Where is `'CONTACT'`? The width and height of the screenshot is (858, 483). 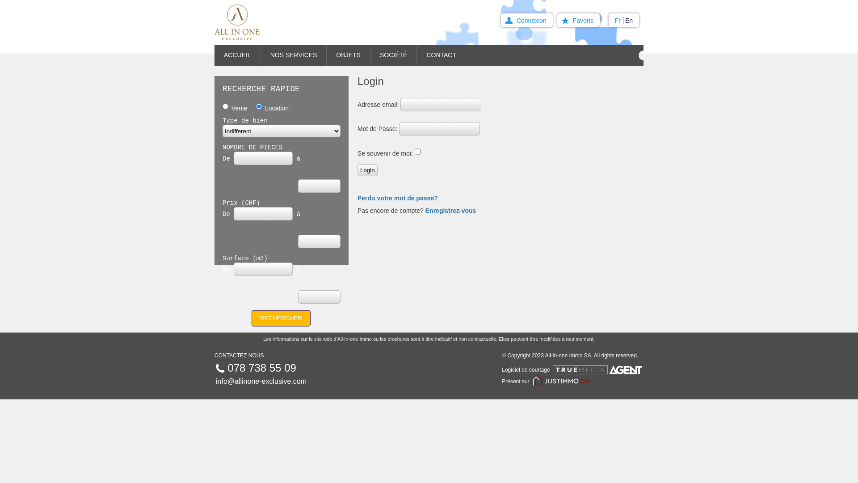
'CONTACT' is located at coordinates (446, 55).